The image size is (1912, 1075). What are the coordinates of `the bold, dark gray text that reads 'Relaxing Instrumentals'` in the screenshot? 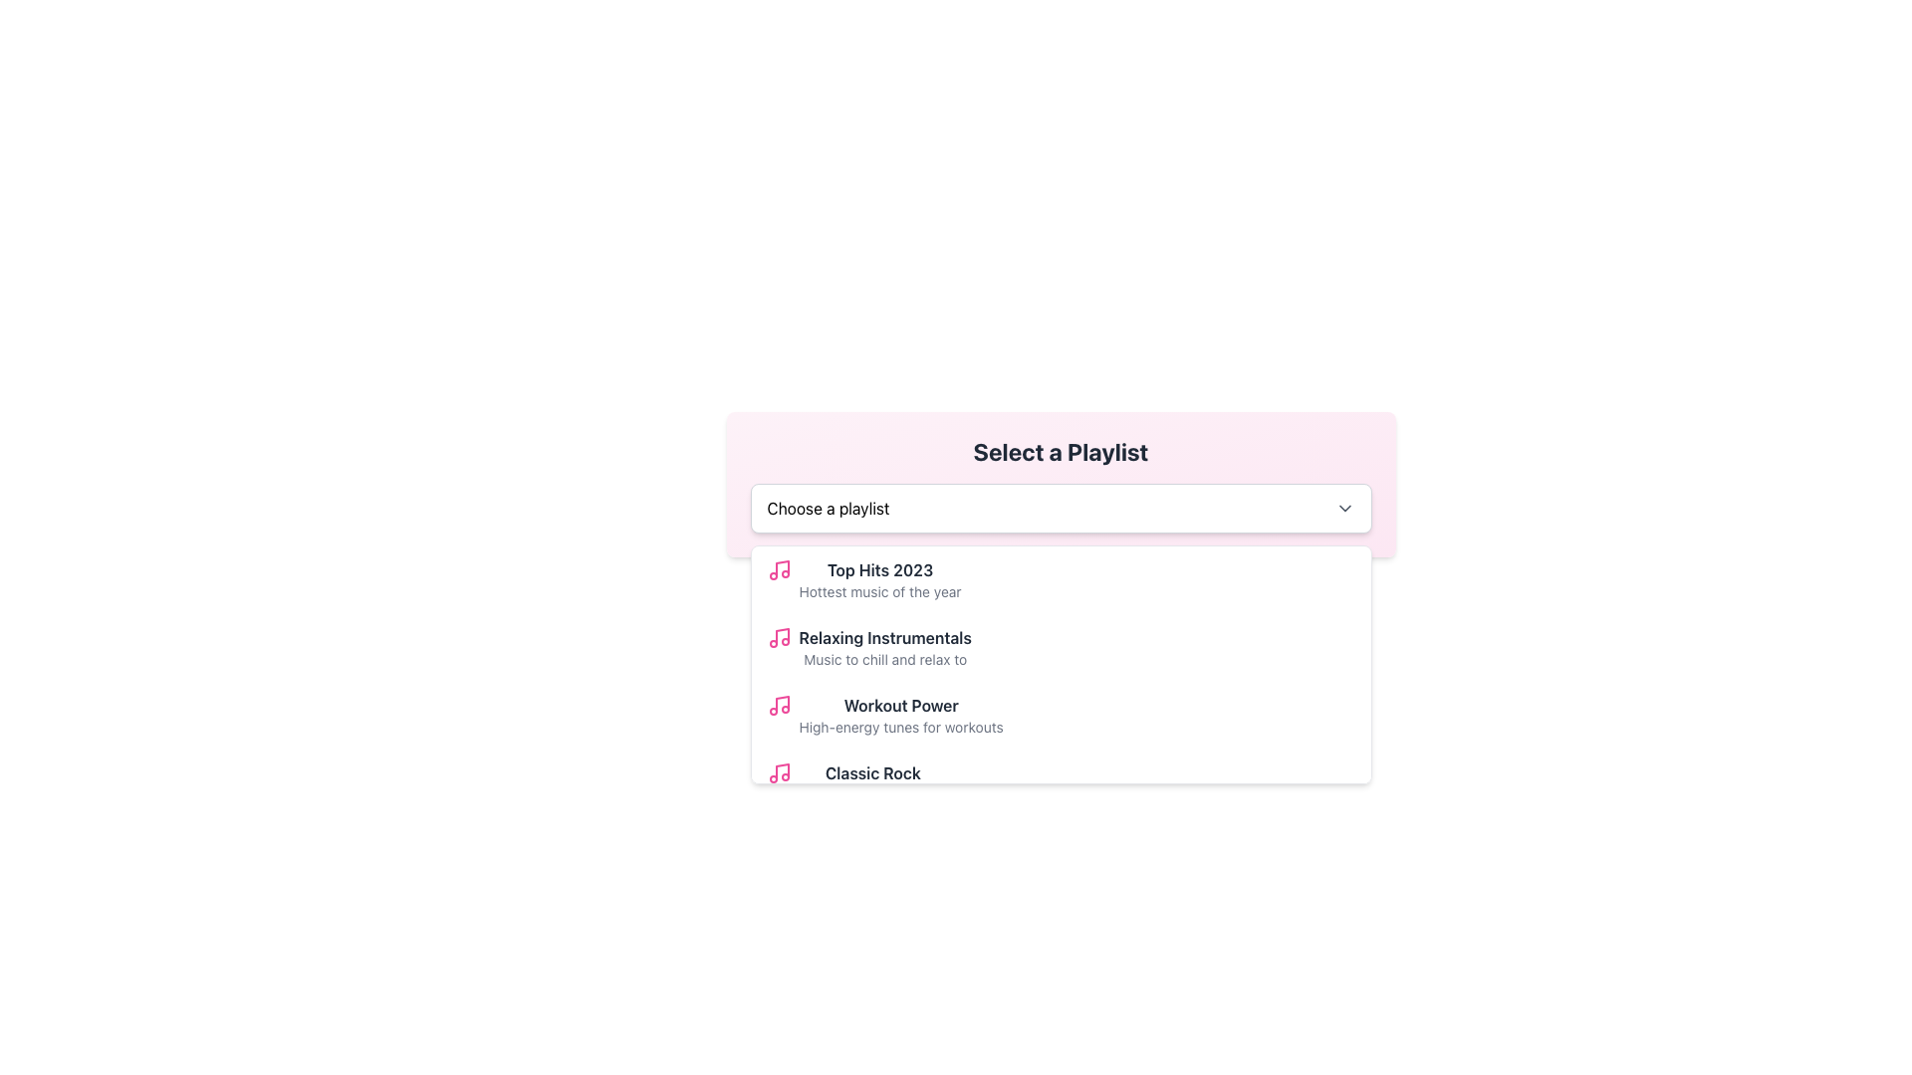 It's located at (883, 637).